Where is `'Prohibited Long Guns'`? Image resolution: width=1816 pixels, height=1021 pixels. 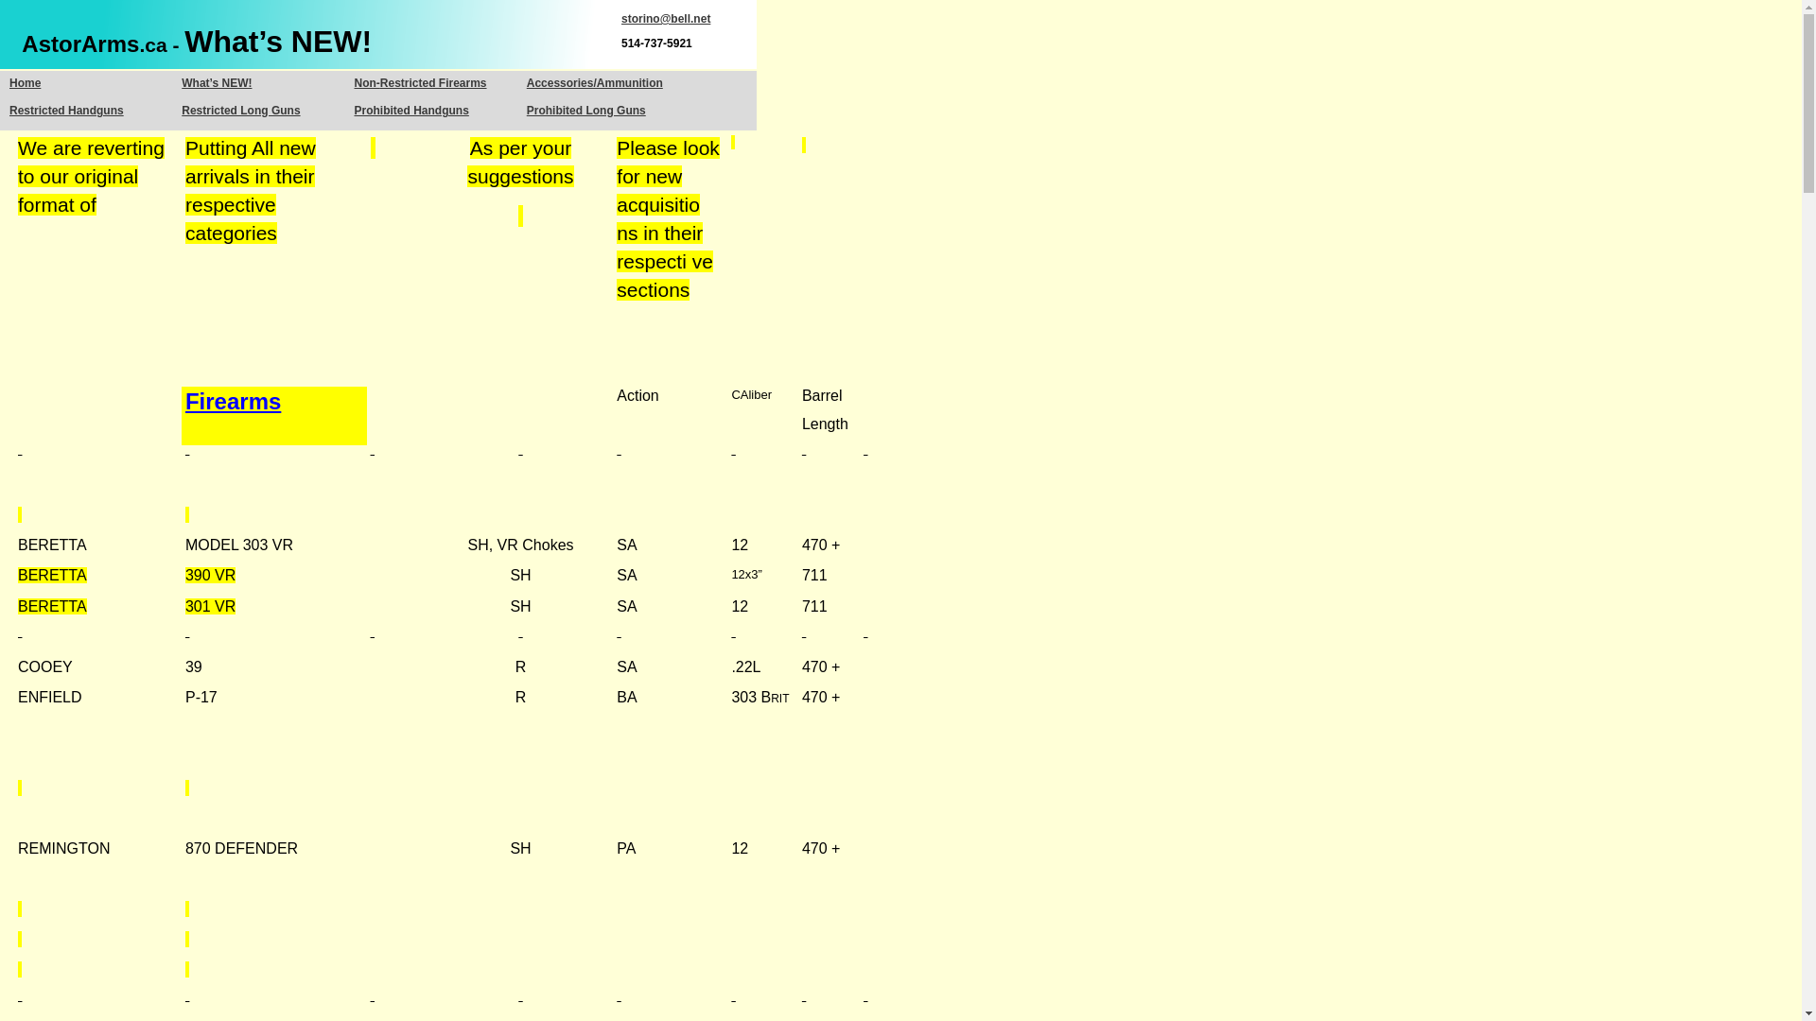 'Prohibited Long Guns' is located at coordinates (585, 110).